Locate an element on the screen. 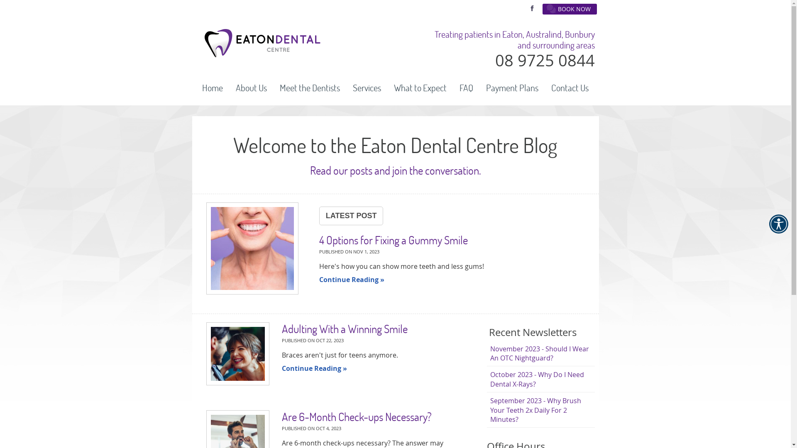 This screenshot has width=797, height=448. 'November 2023 - Should I Wear An OTC Nightguard?' is located at coordinates (540, 353).